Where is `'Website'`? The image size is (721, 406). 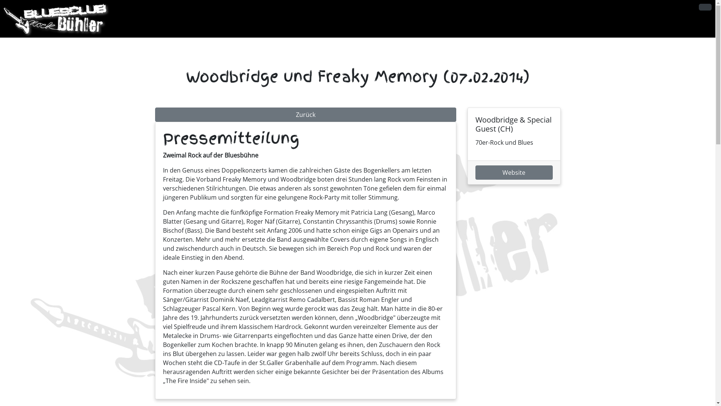
'Website' is located at coordinates (513, 173).